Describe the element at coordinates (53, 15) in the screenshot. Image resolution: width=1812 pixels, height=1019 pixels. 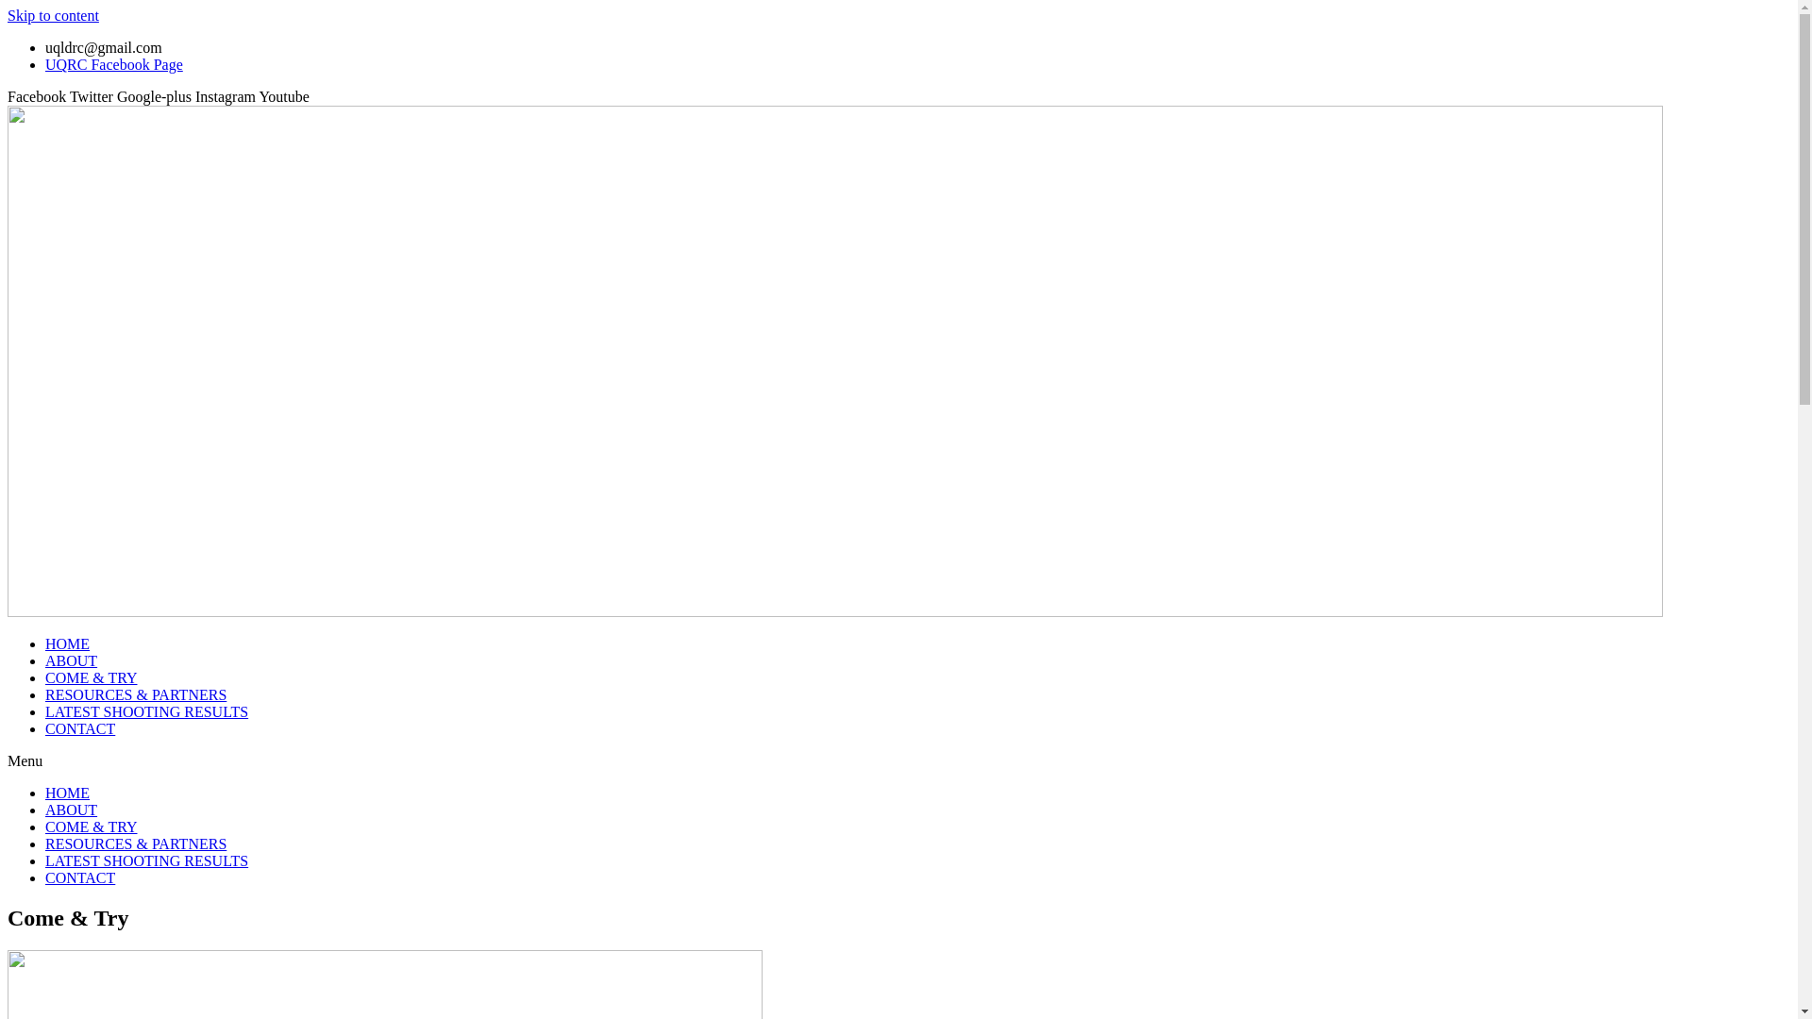
I see `'Skip to content'` at that location.